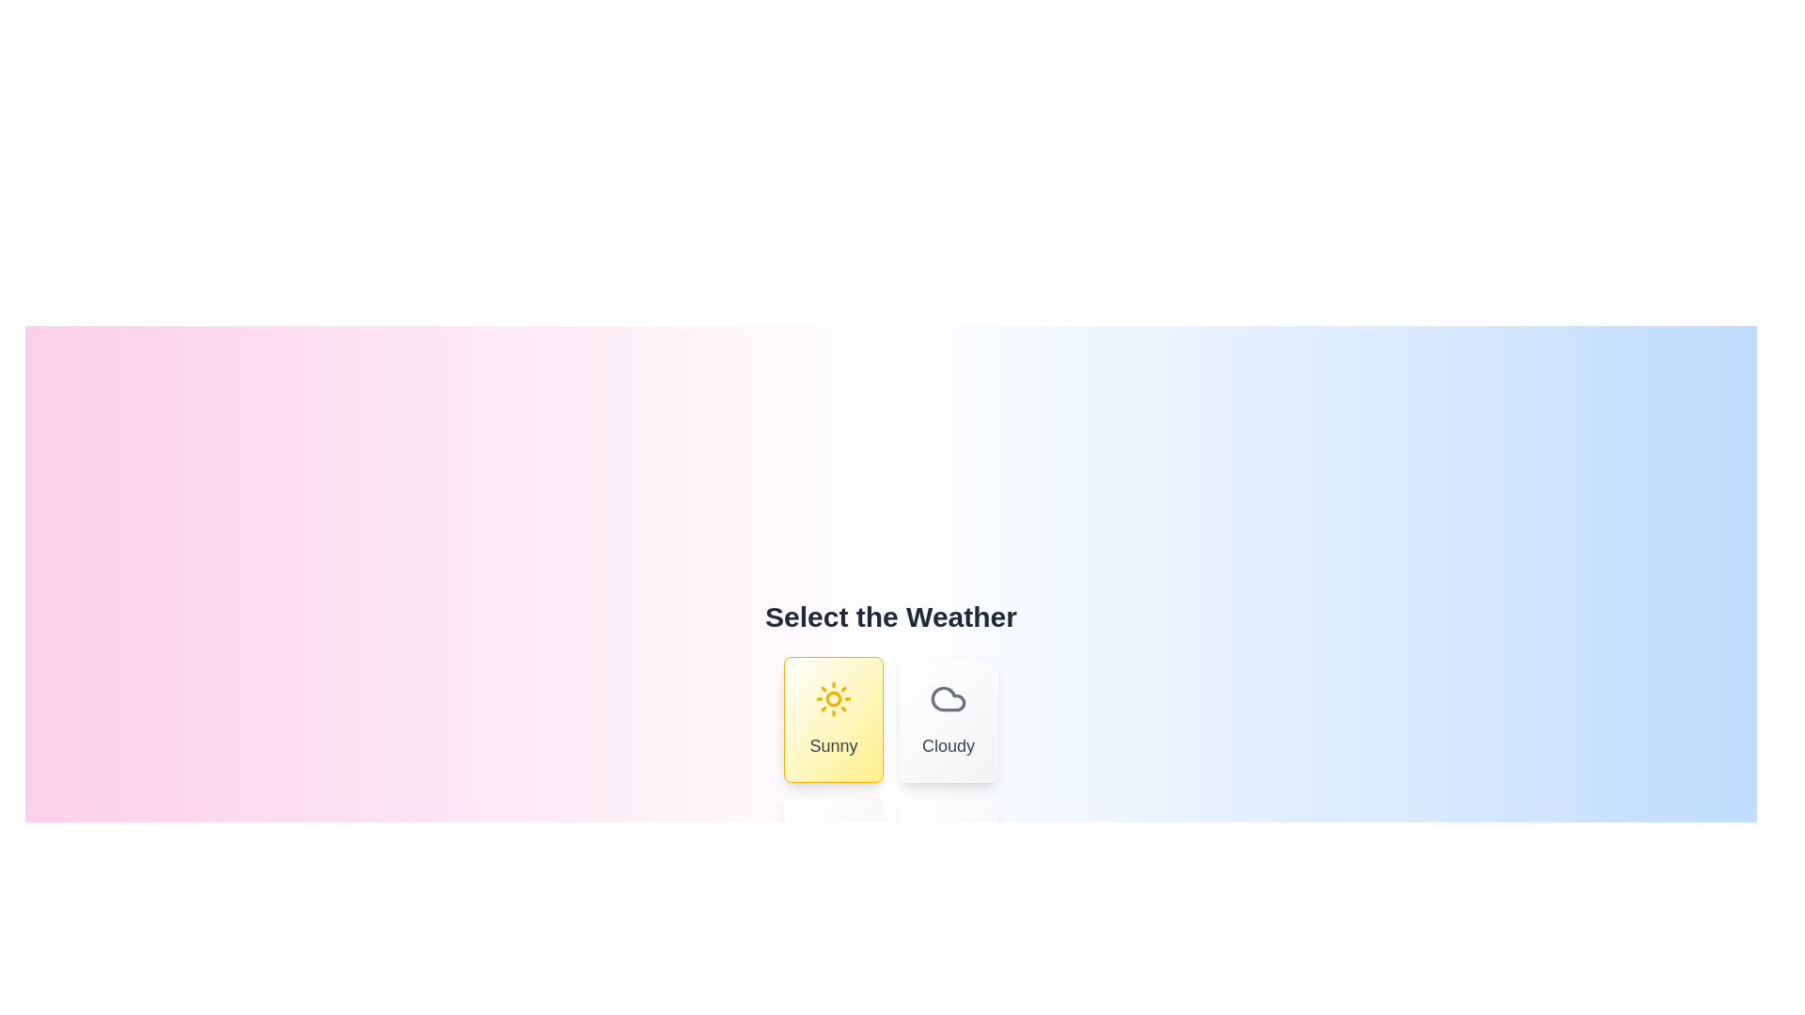  I want to click on the text label indicating the sunny weather option, which is positioned beneath a sun icon on the leftmost yellow card in the selection grid, so click(833, 745).